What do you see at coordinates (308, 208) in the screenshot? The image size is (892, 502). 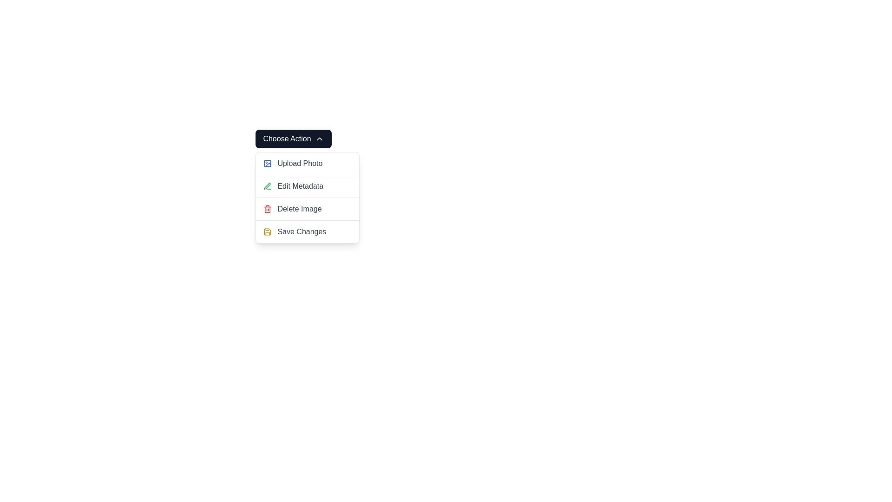 I see `the 'Delete Image' menu item in the dropdown, which features a red trash can icon to the left and is the third item under the 'Choose Action' button` at bounding box center [308, 208].